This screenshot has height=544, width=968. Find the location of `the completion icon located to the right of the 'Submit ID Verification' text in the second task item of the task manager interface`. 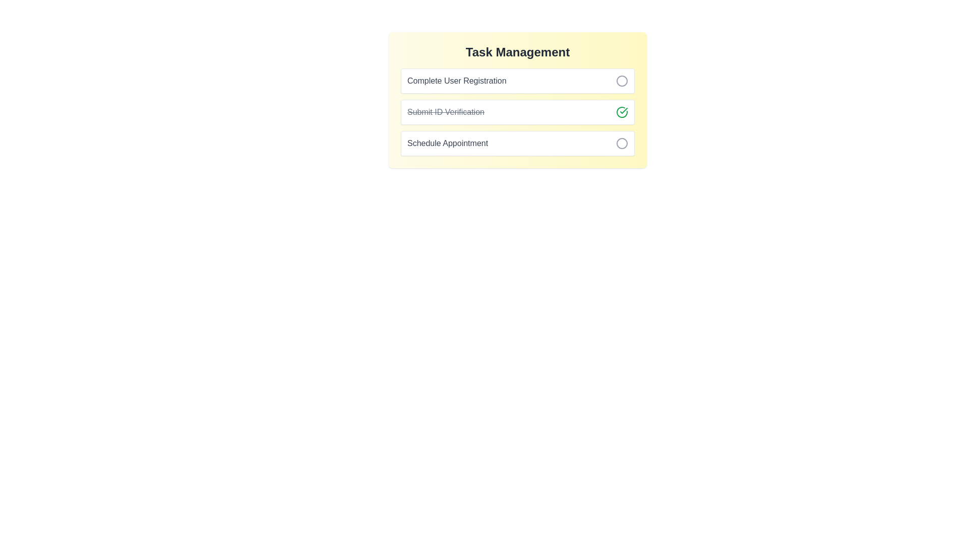

the completion icon located to the right of the 'Submit ID Verification' text in the second task item of the task manager interface is located at coordinates (623, 110).